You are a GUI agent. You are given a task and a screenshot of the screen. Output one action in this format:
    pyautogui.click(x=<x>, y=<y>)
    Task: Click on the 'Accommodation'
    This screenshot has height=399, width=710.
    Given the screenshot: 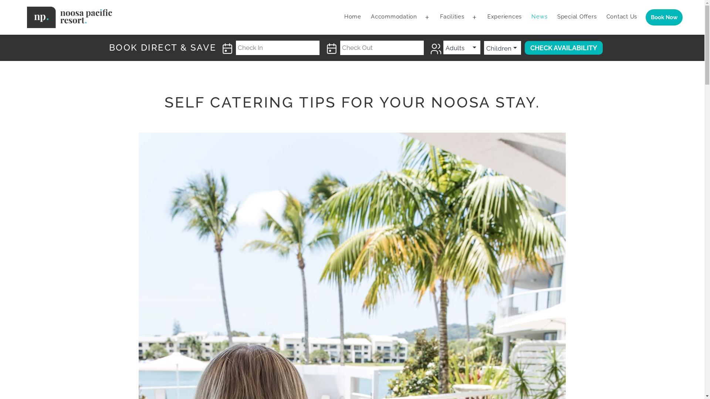 What is the action you would take?
    pyautogui.click(x=393, y=17)
    